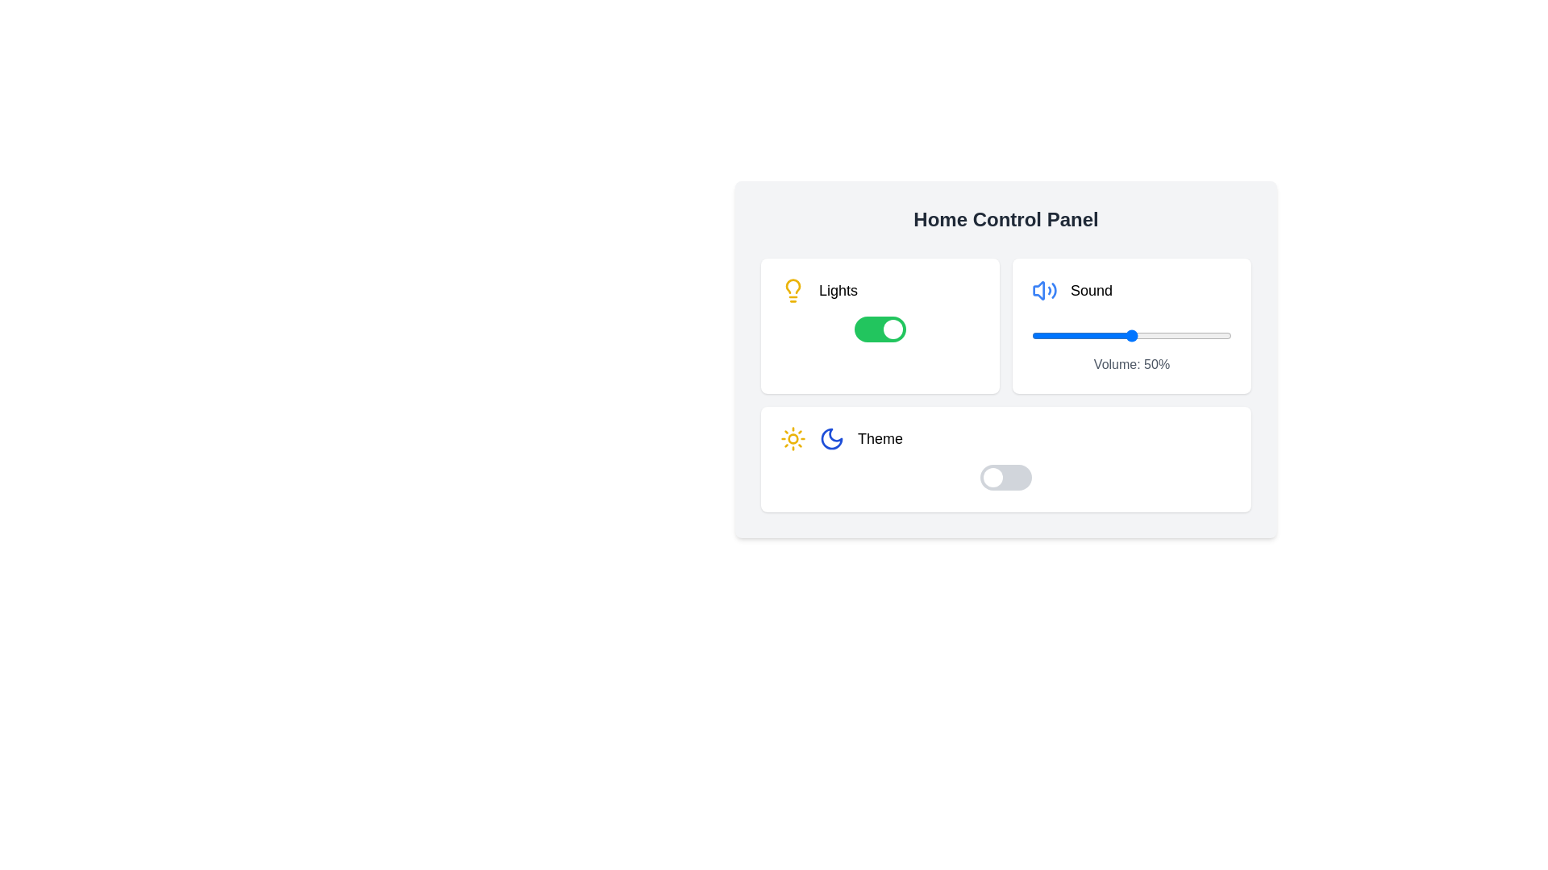 The image size is (1548, 870). I want to click on the volume, so click(1067, 334).